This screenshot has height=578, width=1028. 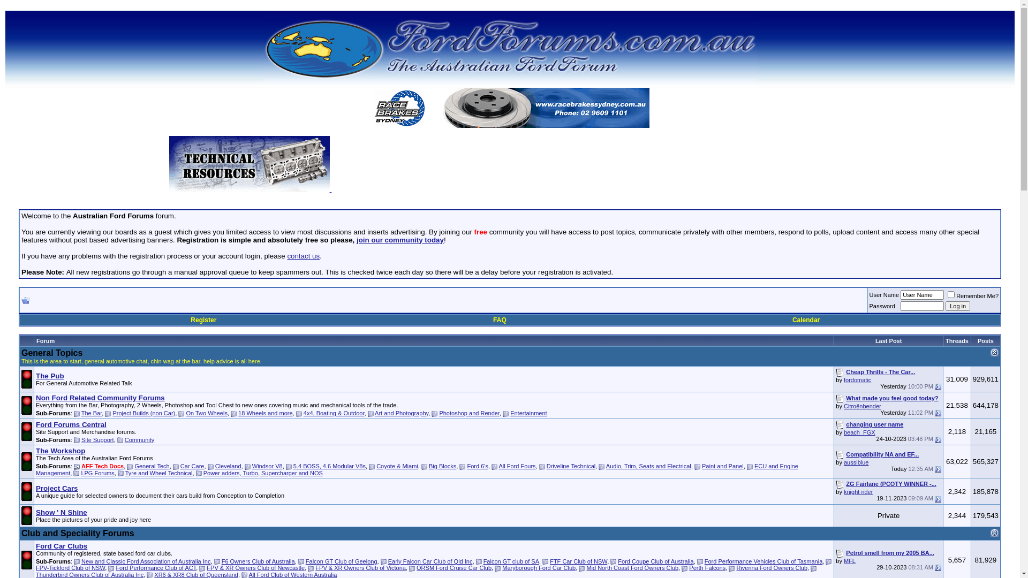 I want to click on 'Perth Falcons', so click(x=707, y=567).